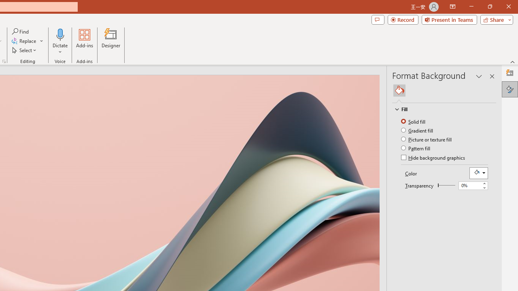 This screenshot has width=518, height=291. I want to click on 'Picture or texture fill', so click(427, 139).